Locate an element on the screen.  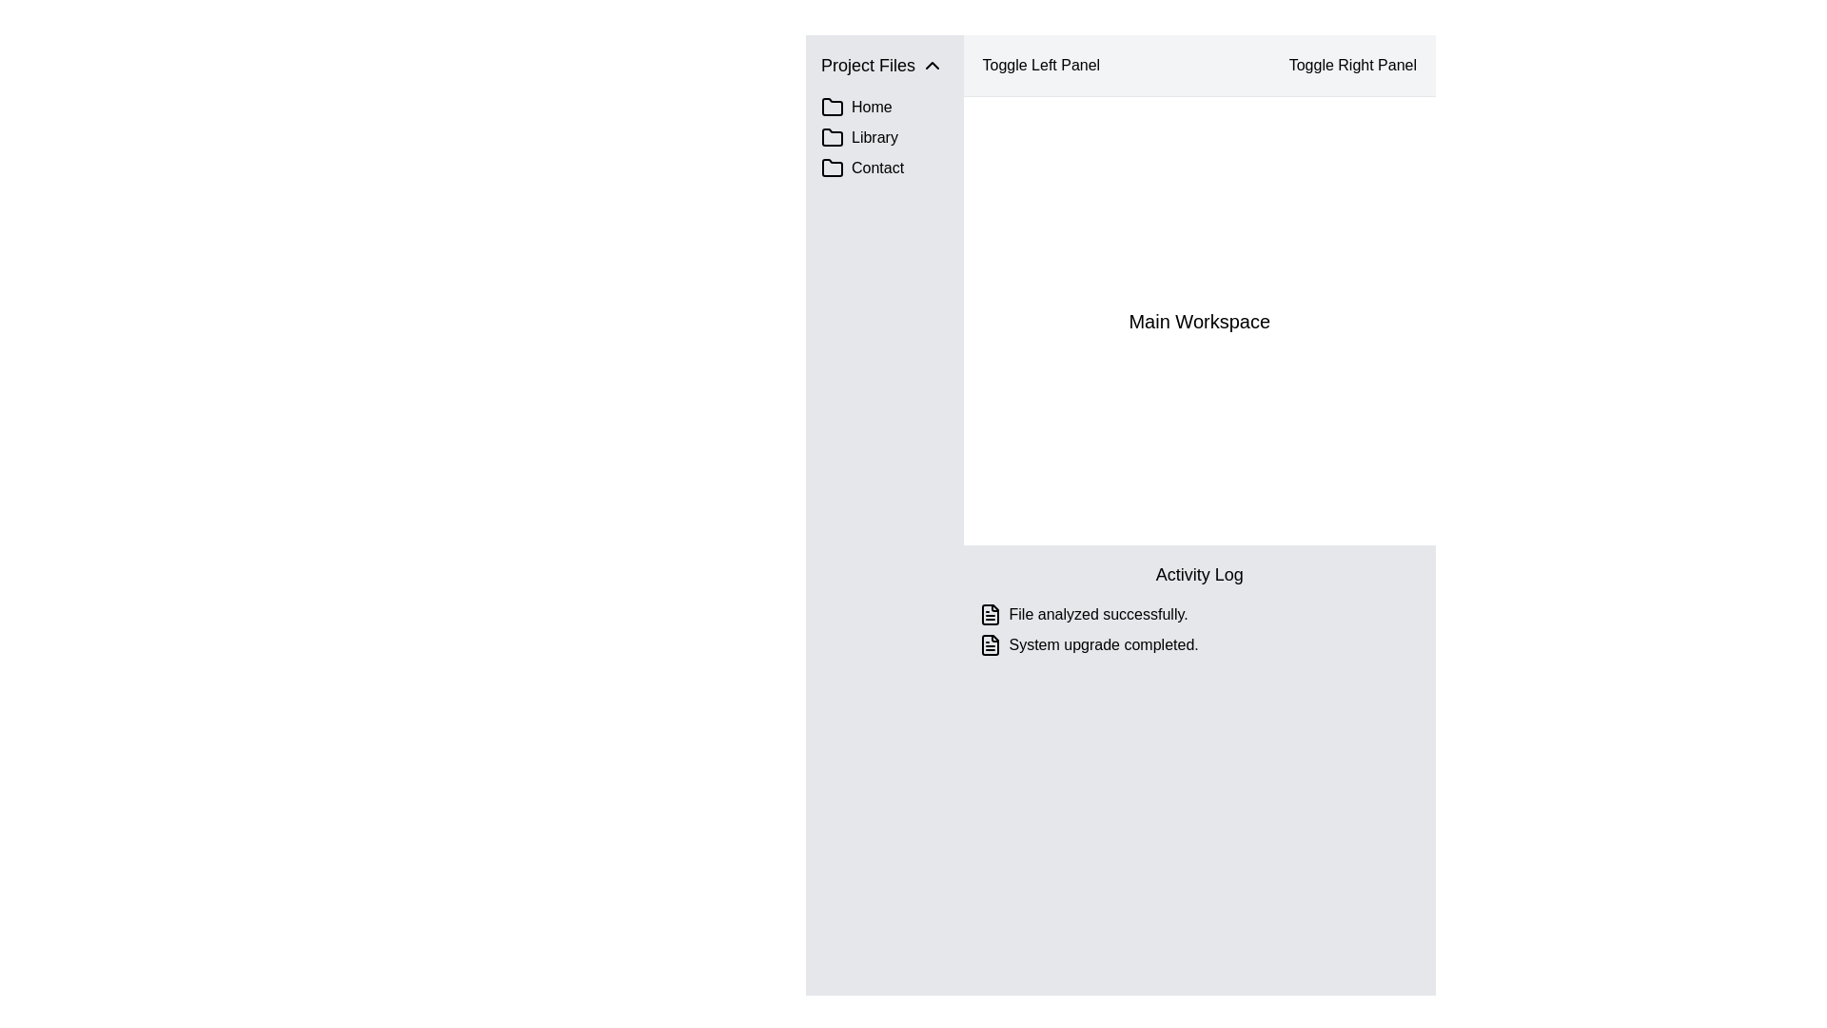
the folder icon styled as an SVG image located in the vertical list of 'Project Files', next to the text 'Contact' is located at coordinates (832, 168).